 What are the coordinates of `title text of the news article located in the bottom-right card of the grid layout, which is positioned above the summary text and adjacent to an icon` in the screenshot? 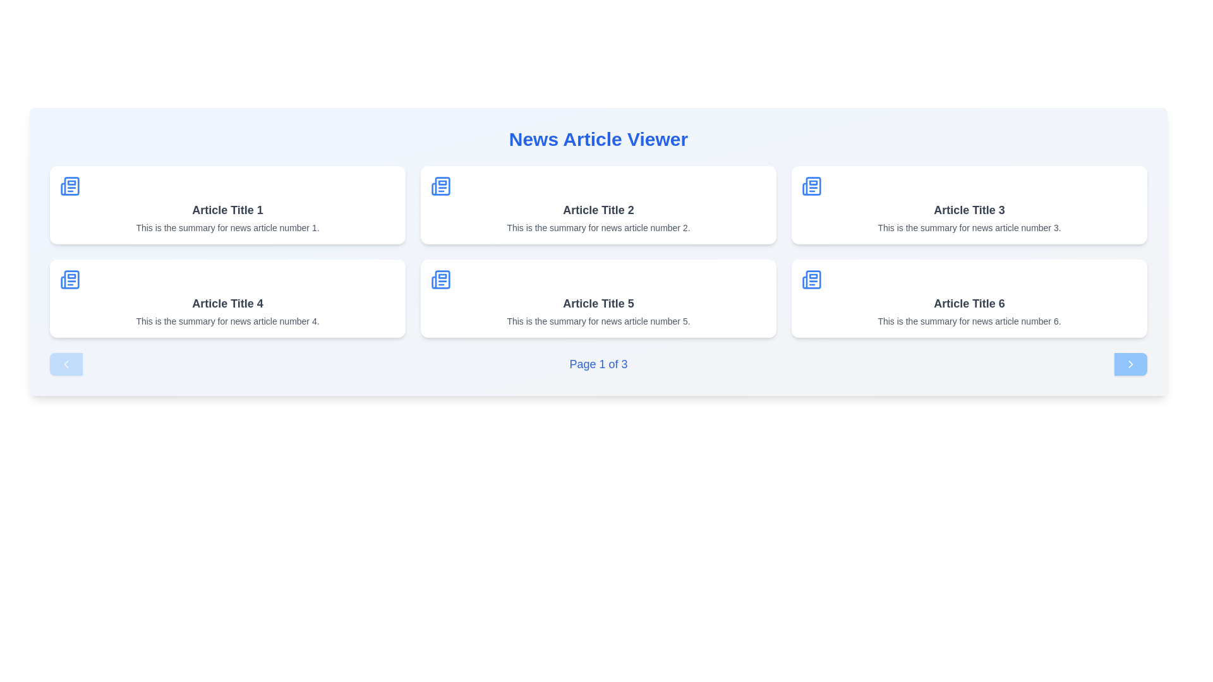 It's located at (969, 304).